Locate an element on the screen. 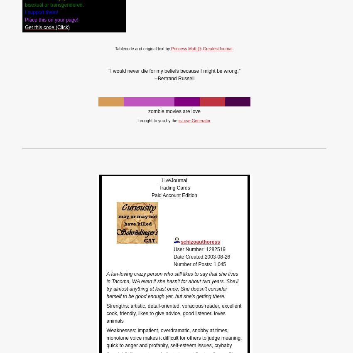 Image resolution: width=353 pixels, height=353 pixels. '1282519' is located at coordinates (215, 249).